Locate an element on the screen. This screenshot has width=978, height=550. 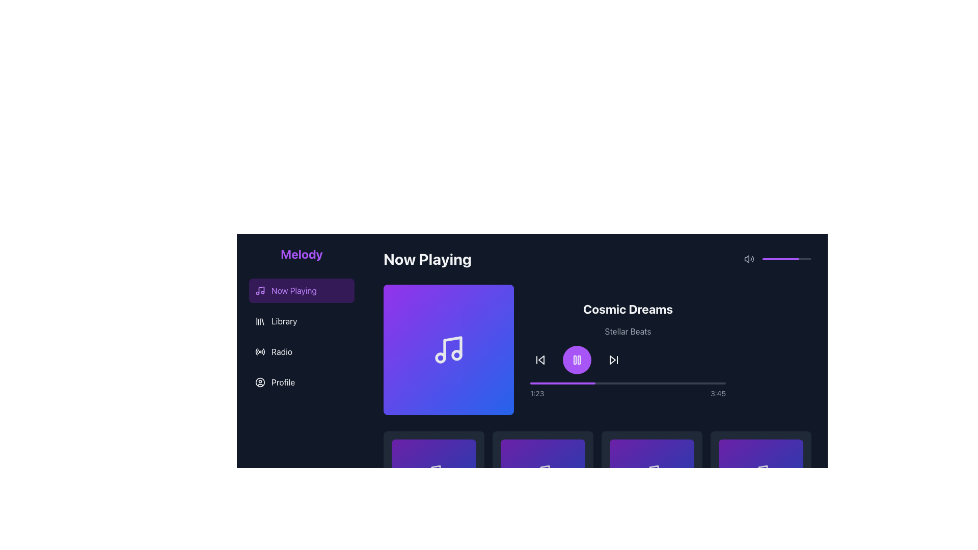
the playback progress is located at coordinates (583, 383).